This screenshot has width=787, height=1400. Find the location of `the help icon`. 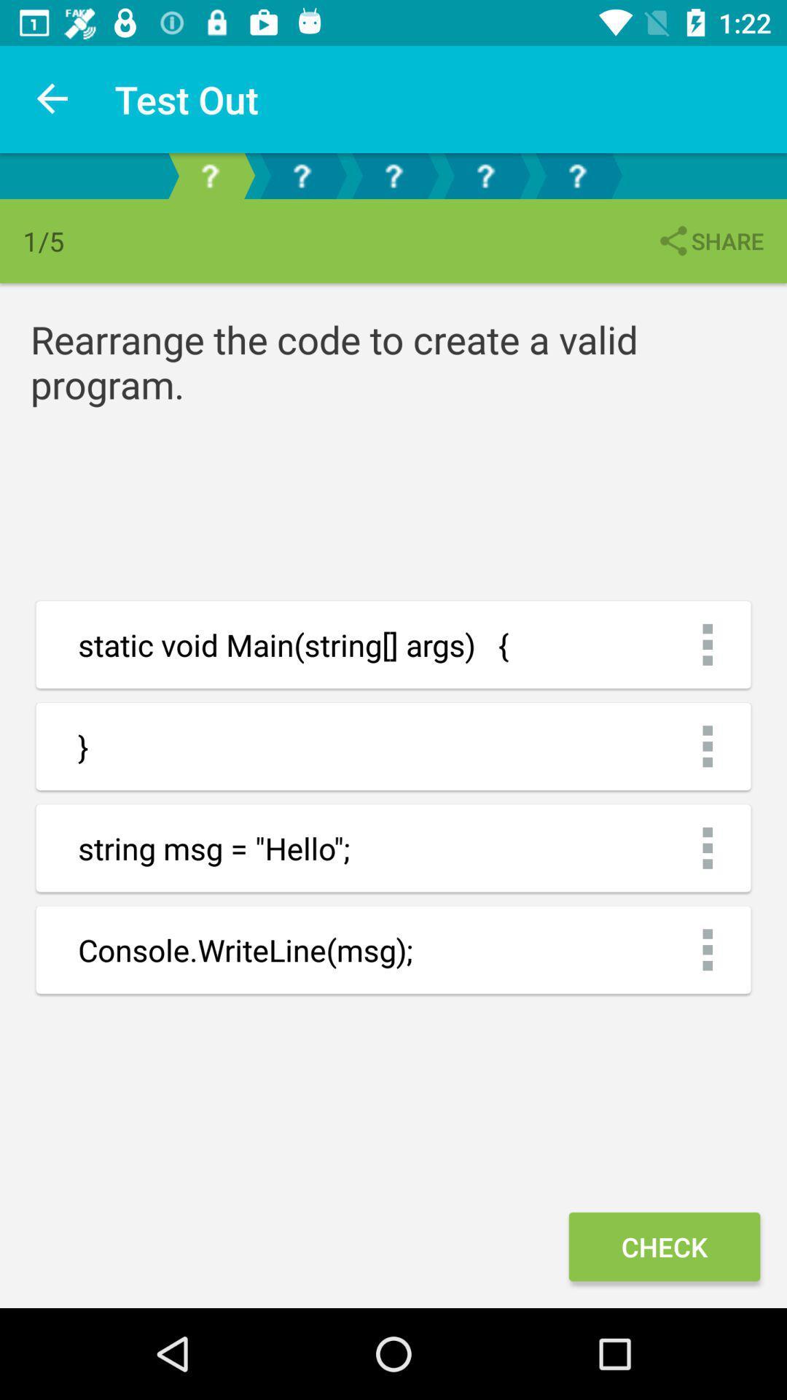

the help icon is located at coordinates (210, 175).